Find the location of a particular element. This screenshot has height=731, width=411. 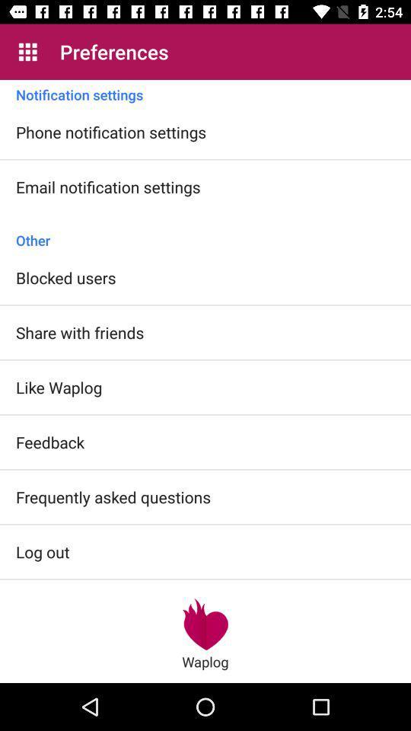

like waplog is located at coordinates (58, 386).